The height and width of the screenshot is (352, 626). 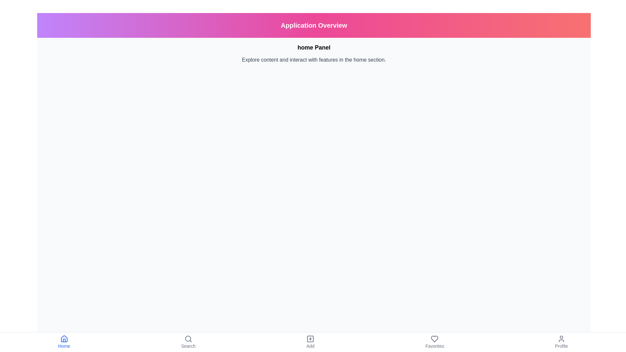 I want to click on the header section of the component, so click(x=314, y=25).